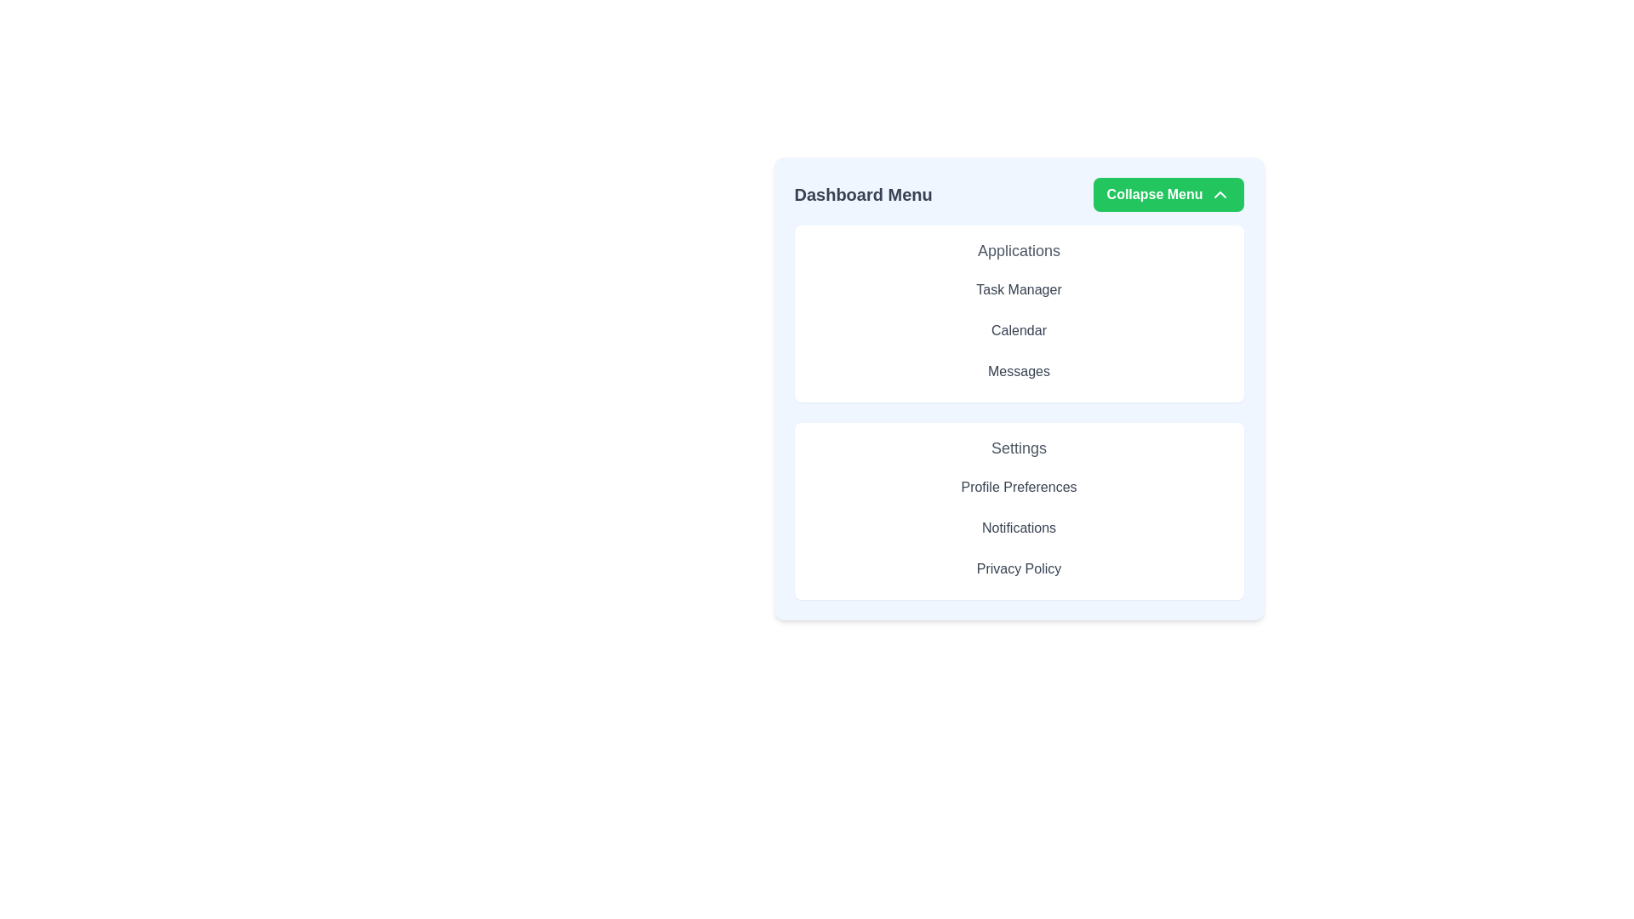 The width and height of the screenshot is (1634, 919). Describe the element at coordinates (1019, 448) in the screenshot. I see `the static text label that serves as a section title for the settings options, positioned at the top of the menu area, above options like 'Profile Preferences' and 'Notifications.'` at that location.